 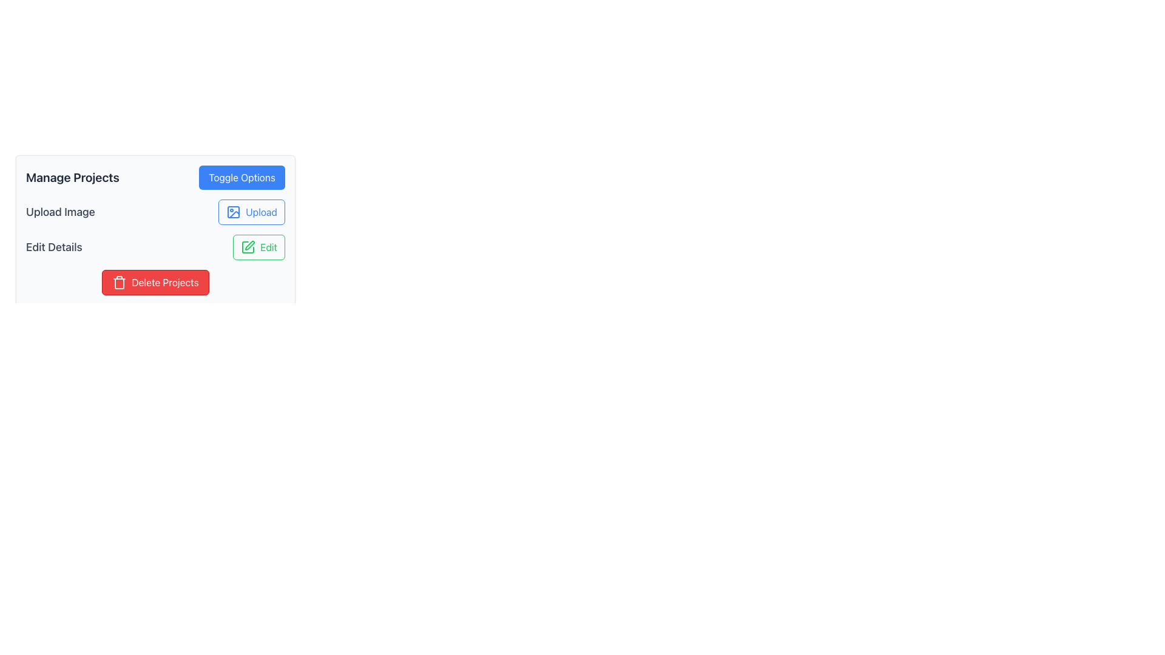 What do you see at coordinates (155, 283) in the screenshot?
I see `the 'Delete Projects' button, which is a rectangular button with rounded corners, featuring a vibrant red background and white text, located at the bottom of the 'Manage Projects' section` at bounding box center [155, 283].